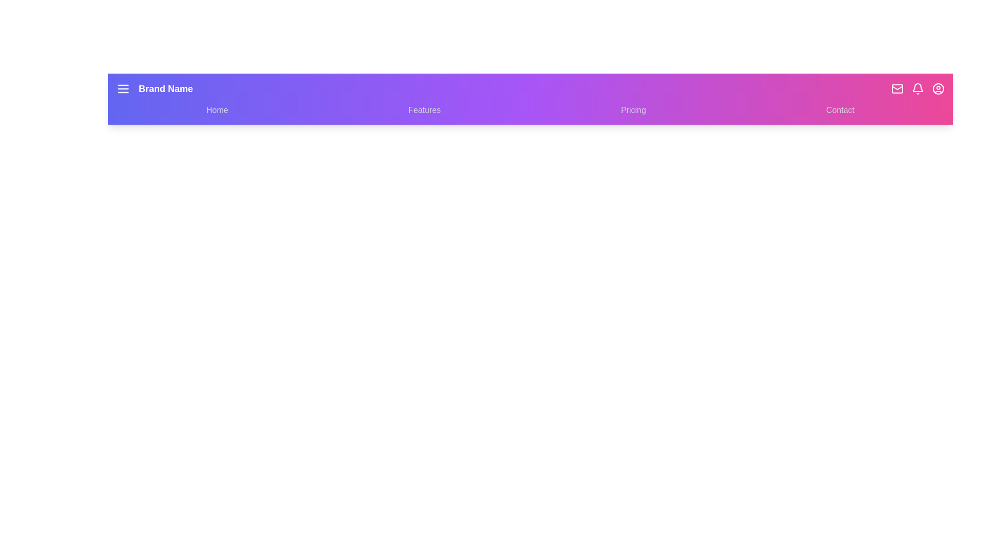 This screenshot has width=983, height=552. What do you see at coordinates (840, 110) in the screenshot?
I see `the navigation link labeled Contact` at bounding box center [840, 110].